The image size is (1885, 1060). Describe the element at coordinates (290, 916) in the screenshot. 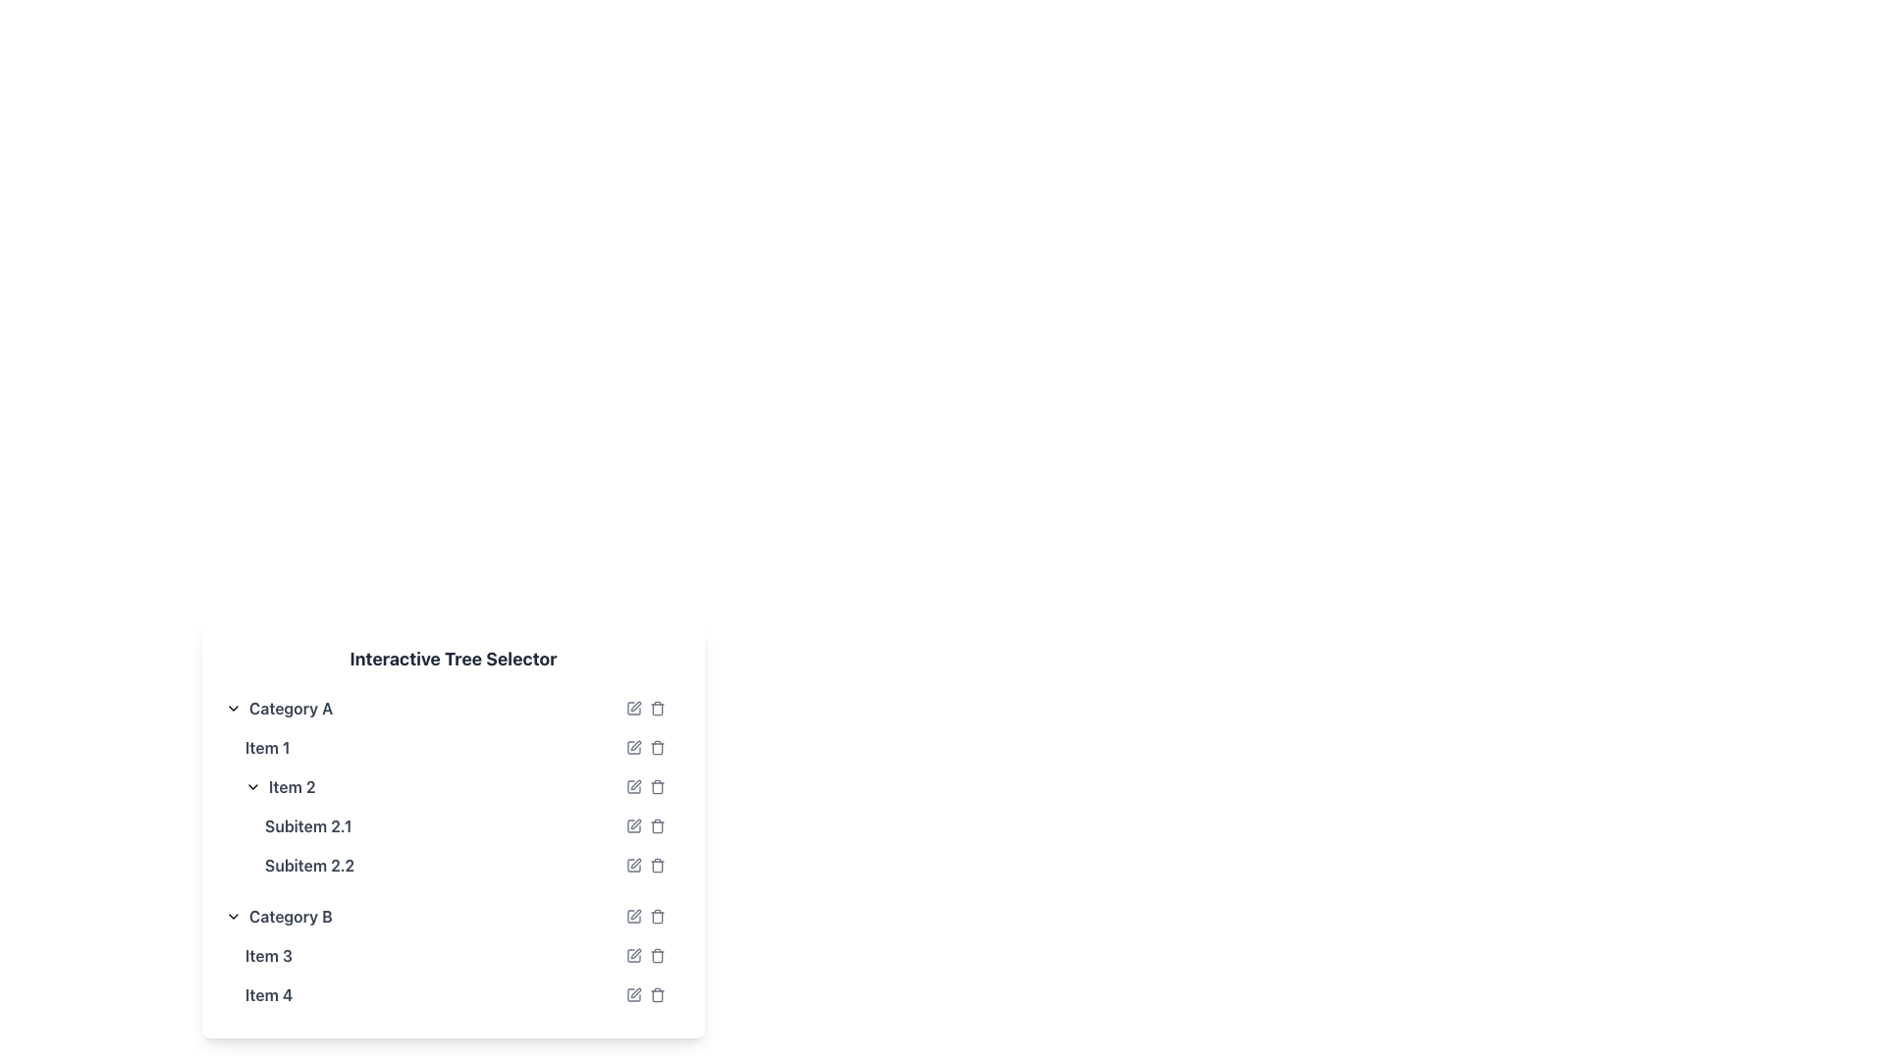

I see `the text label displaying 'Category B' in bold, dark gray font, which is positioned in the second tier of the list under 'Interactive Tree Selector.'` at that location.